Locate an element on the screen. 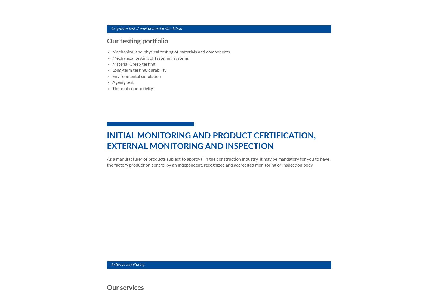 The width and height of the screenshot is (438, 290). 'Our testing portfolio' is located at coordinates (138, 41).